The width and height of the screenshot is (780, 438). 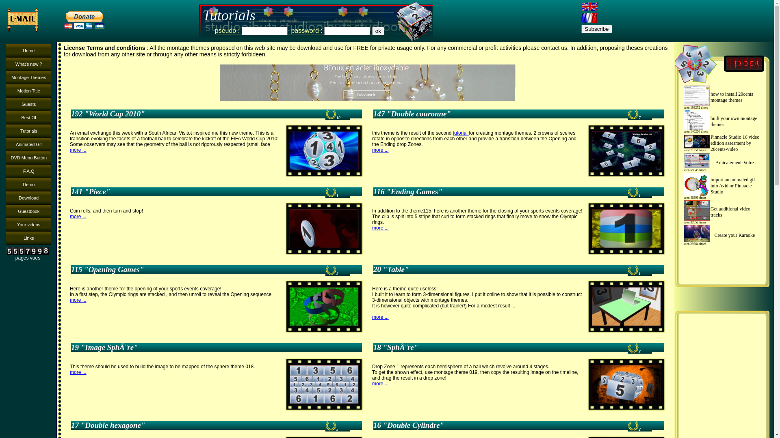 I want to click on 'Demo', so click(x=28, y=185).